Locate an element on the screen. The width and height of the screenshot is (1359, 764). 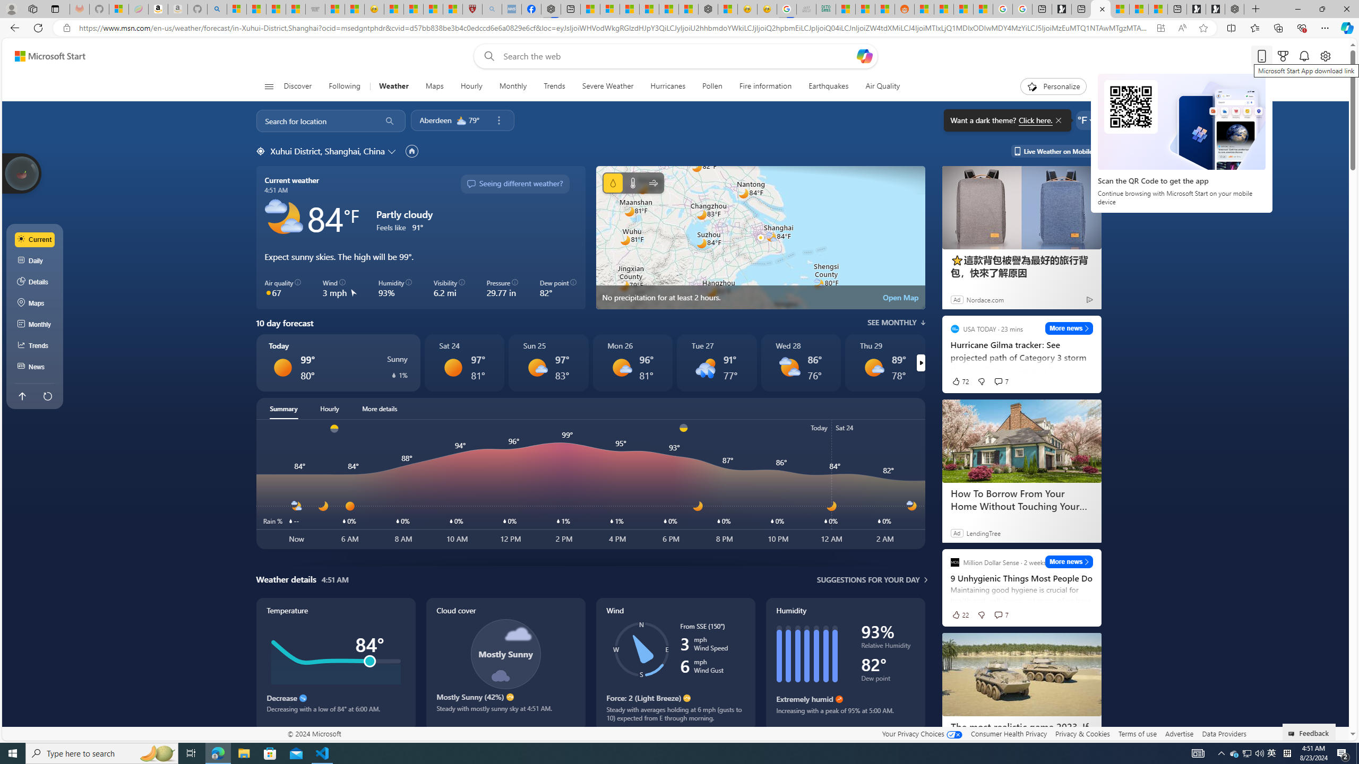
'Humidity' is located at coordinates (845, 664).